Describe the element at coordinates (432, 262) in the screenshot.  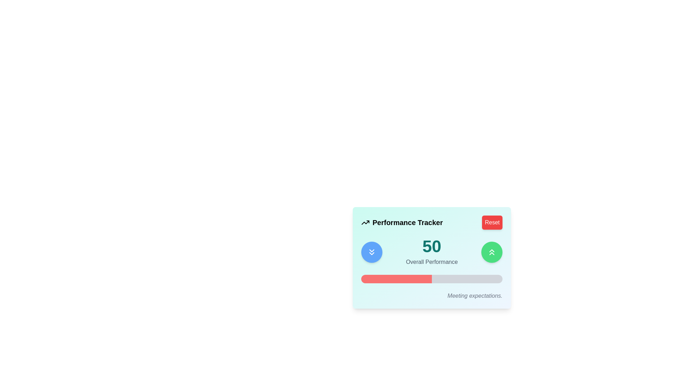
I see `the label that describes 'Overall Performance', located beneath the number '50' in the centered section of the card` at that location.